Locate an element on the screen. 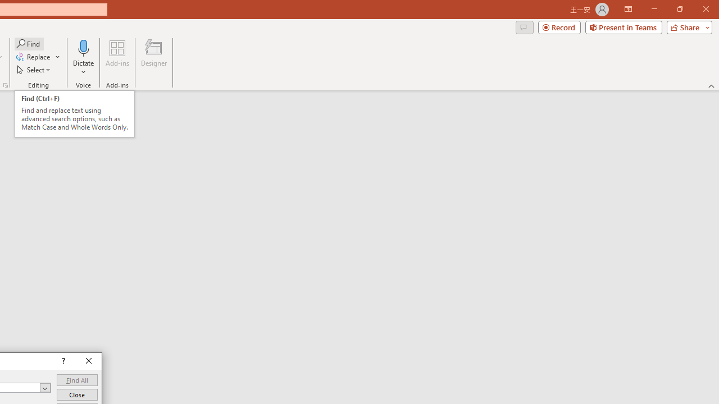 The height and width of the screenshot is (404, 719). 'Find All' is located at coordinates (76, 379).